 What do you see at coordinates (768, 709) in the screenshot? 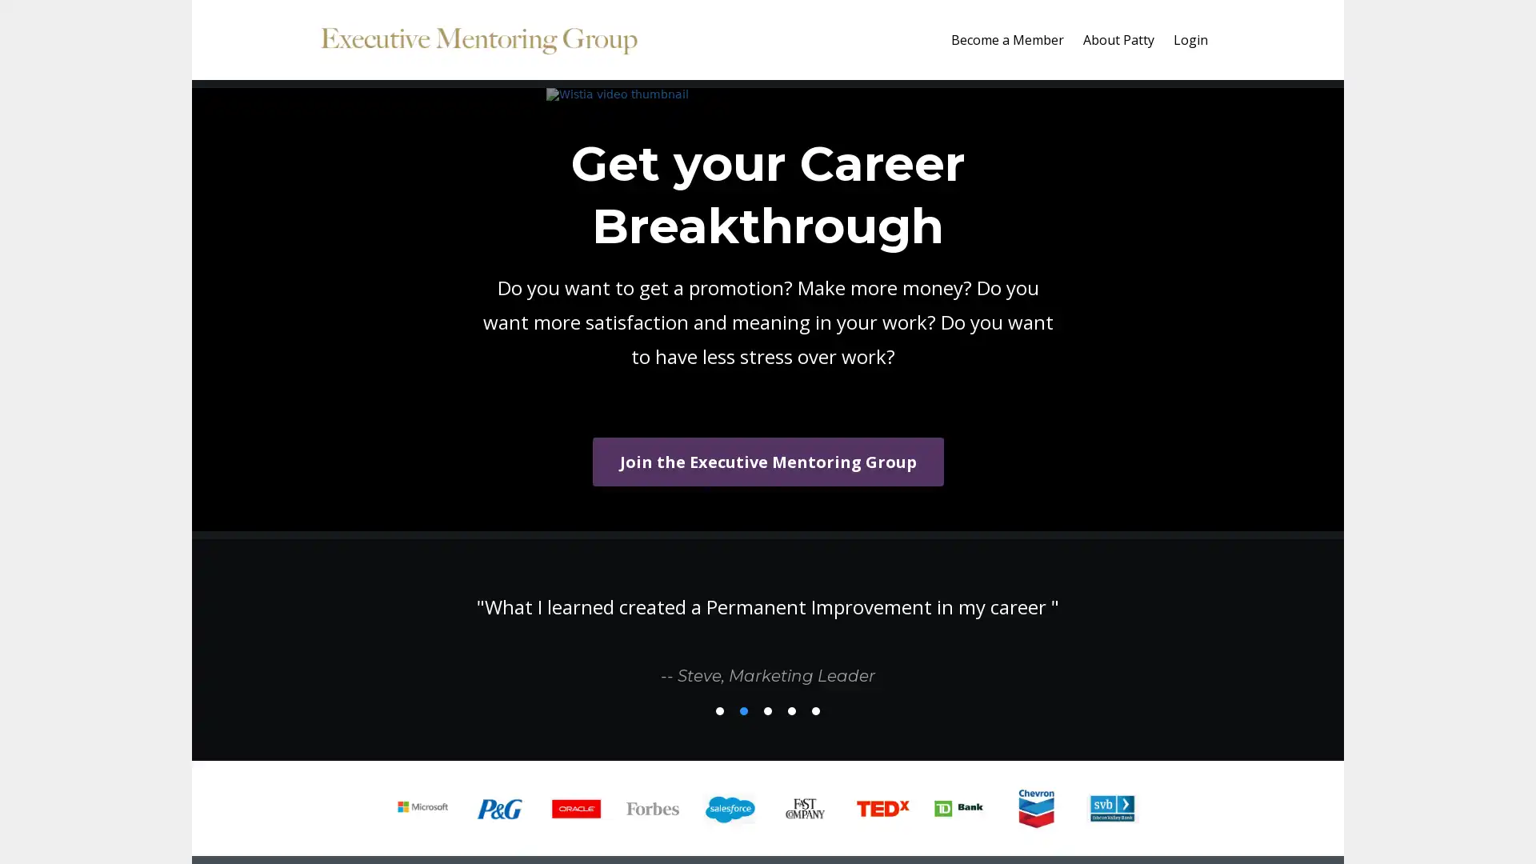
I see `3` at bounding box center [768, 709].